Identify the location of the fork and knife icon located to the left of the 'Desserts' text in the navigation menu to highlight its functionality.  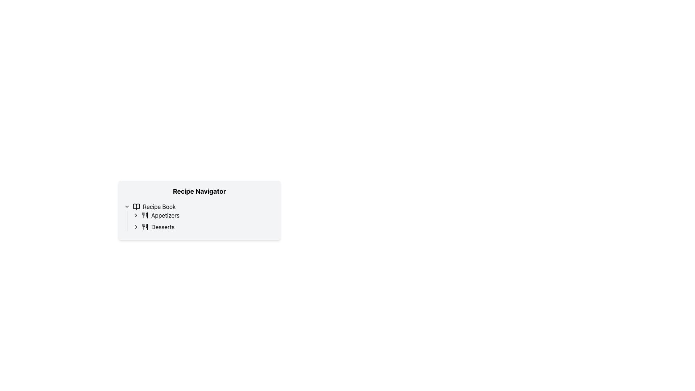
(145, 227).